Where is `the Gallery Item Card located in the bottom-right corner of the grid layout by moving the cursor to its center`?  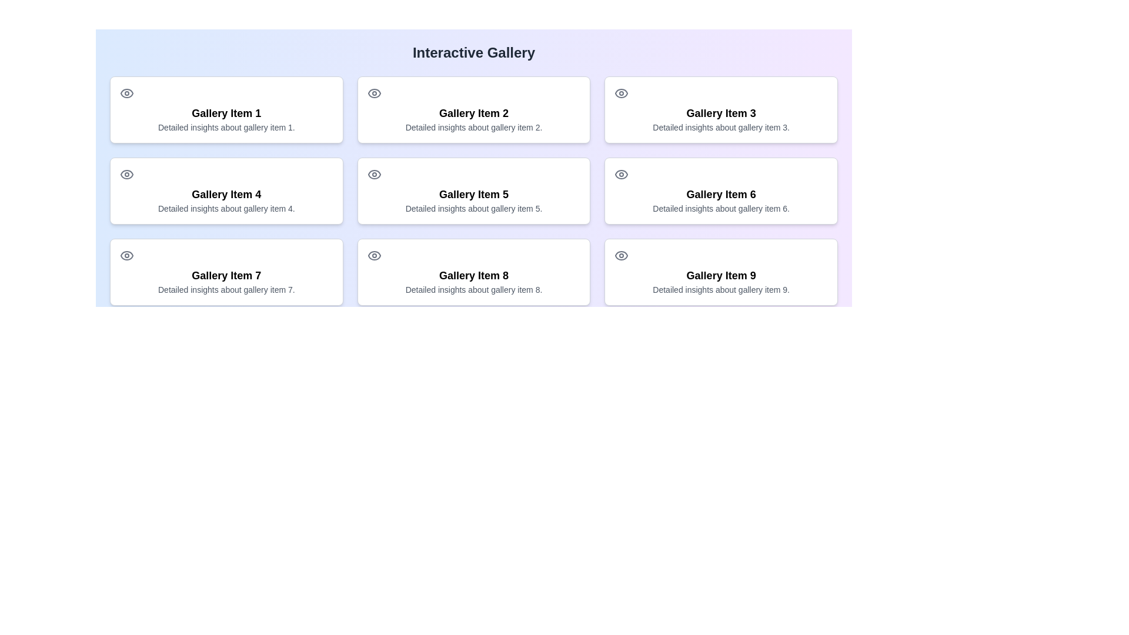 the Gallery Item Card located in the bottom-right corner of the grid layout by moving the cursor to its center is located at coordinates (720, 272).